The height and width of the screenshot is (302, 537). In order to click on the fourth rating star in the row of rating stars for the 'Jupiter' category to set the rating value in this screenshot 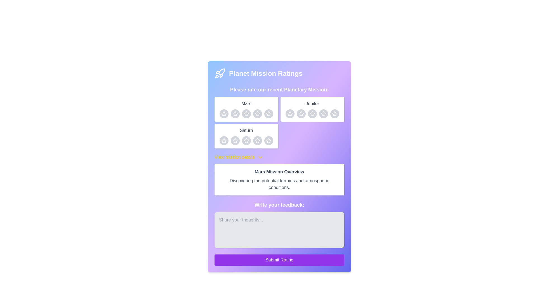, I will do `click(323, 113)`.